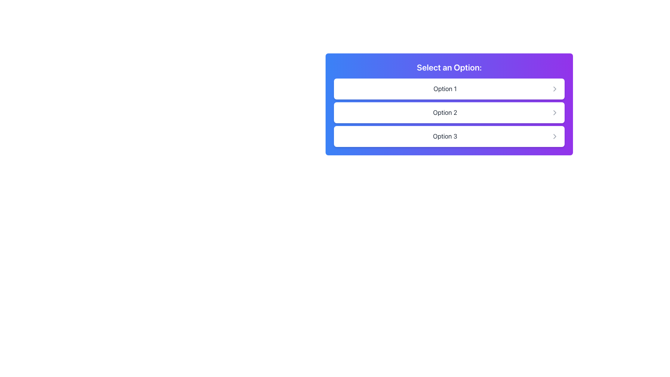  Describe the element at coordinates (445, 136) in the screenshot. I see `the text element displaying 'Option 3', which is the third menu item in a vertically stacked menu, located at the bottom of the visible menu list` at that location.